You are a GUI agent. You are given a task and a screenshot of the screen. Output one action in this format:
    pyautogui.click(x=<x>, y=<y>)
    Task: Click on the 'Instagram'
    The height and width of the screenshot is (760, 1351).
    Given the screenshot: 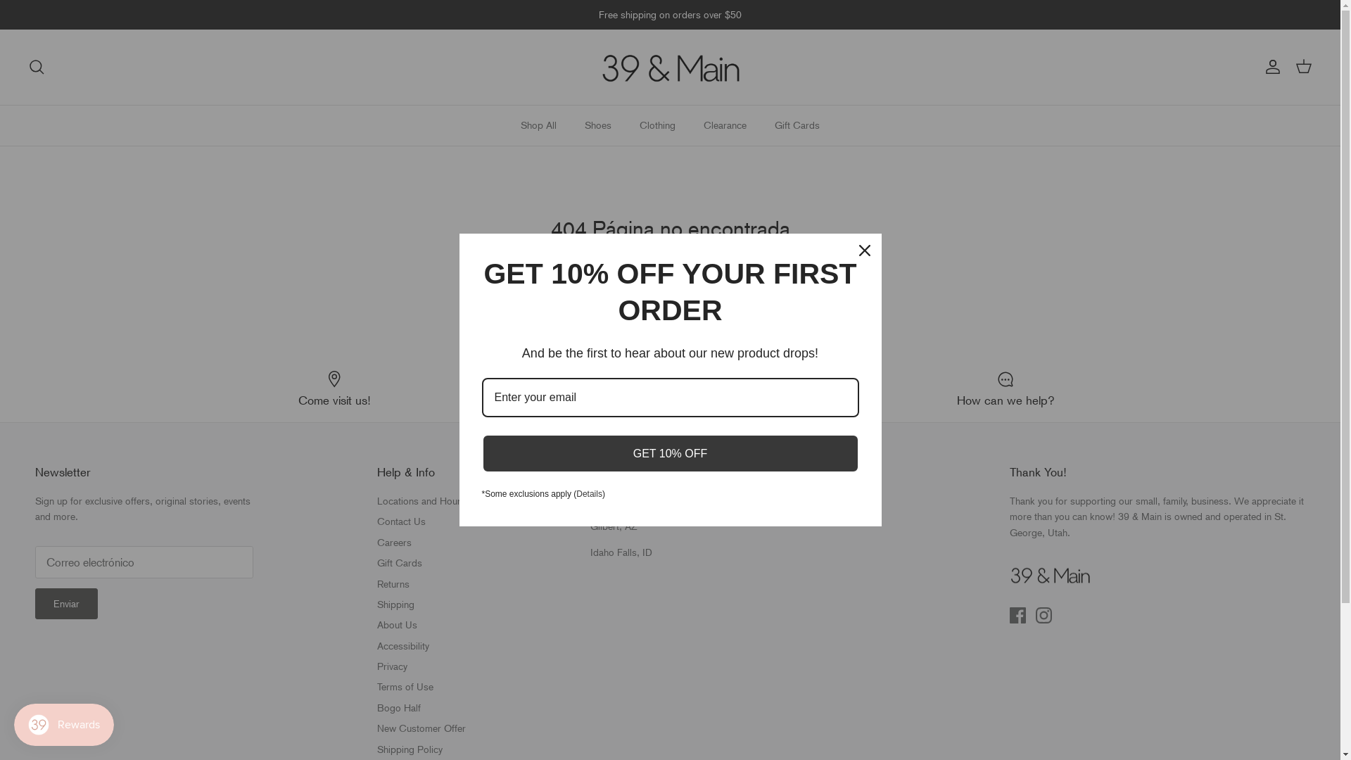 What is the action you would take?
    pyautogui.click(x=1036, y=614)
    